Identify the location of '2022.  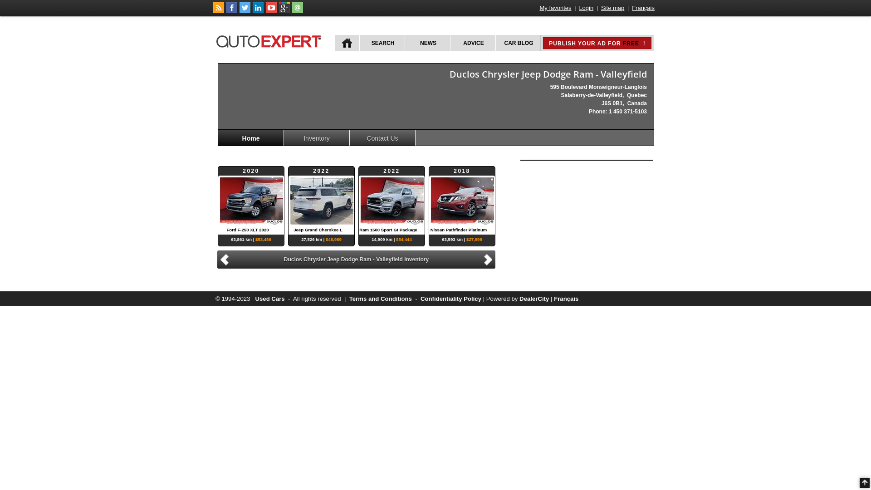
(321, 200).